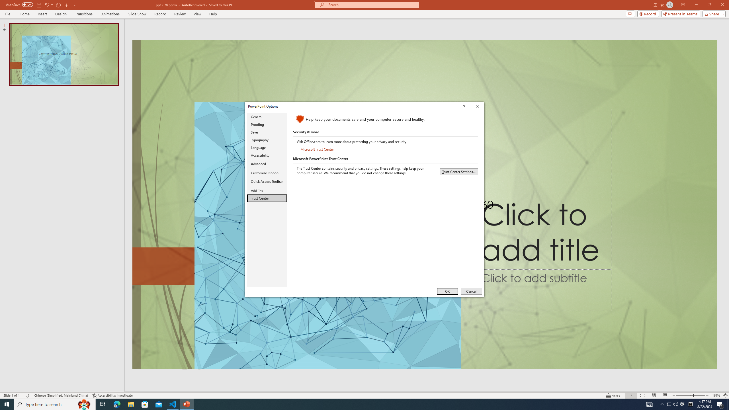  What do you see at coordinates (471, 291) in the screenshot?
I see `'Cancel'` at bounding box center [471, 291].